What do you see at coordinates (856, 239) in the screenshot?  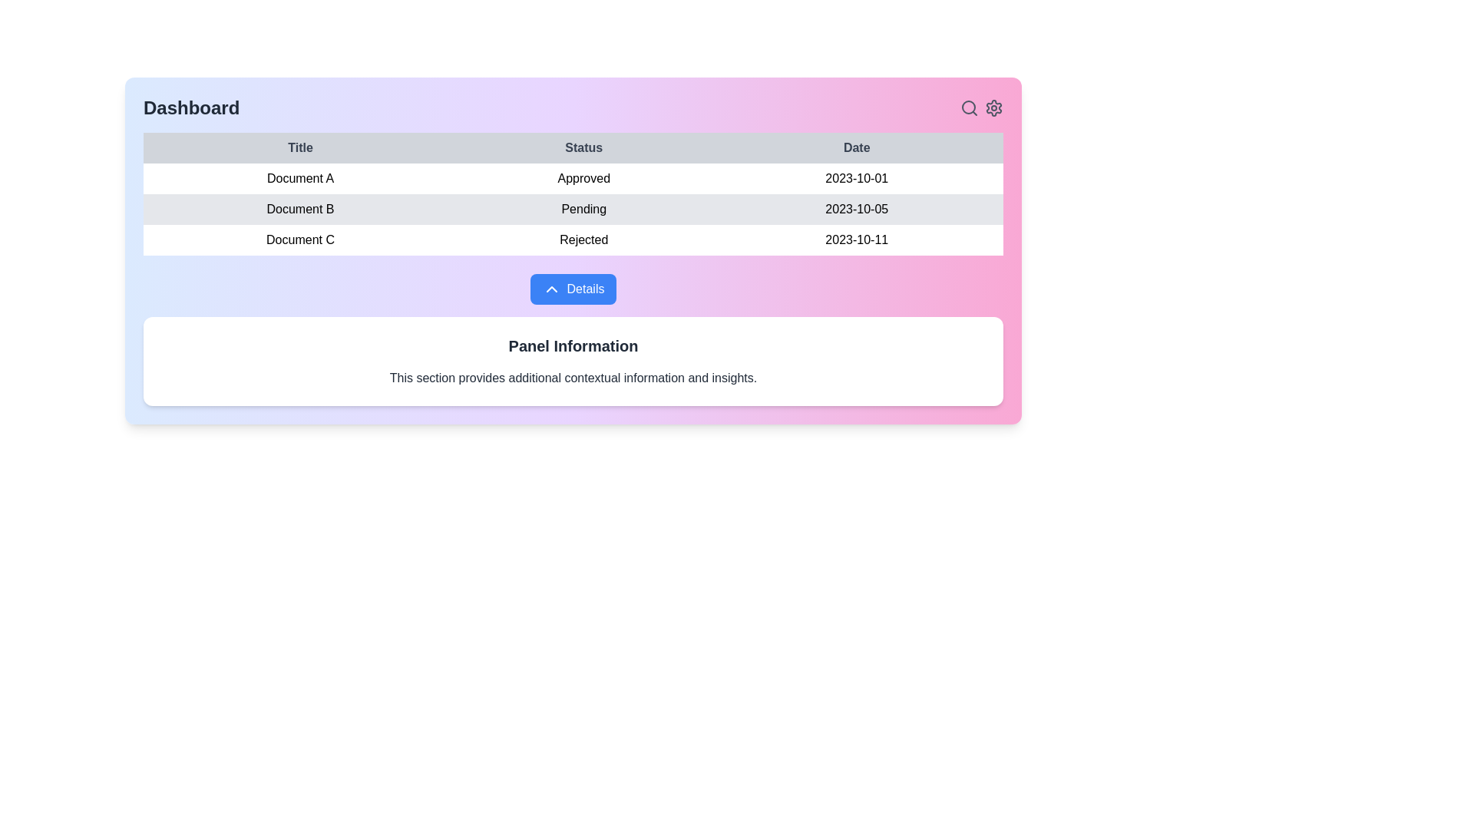 I see `the static text element displaying the date '2023-10-11' in the 'Date' column of the last row in the document information table` at bounding box center [856, 239].